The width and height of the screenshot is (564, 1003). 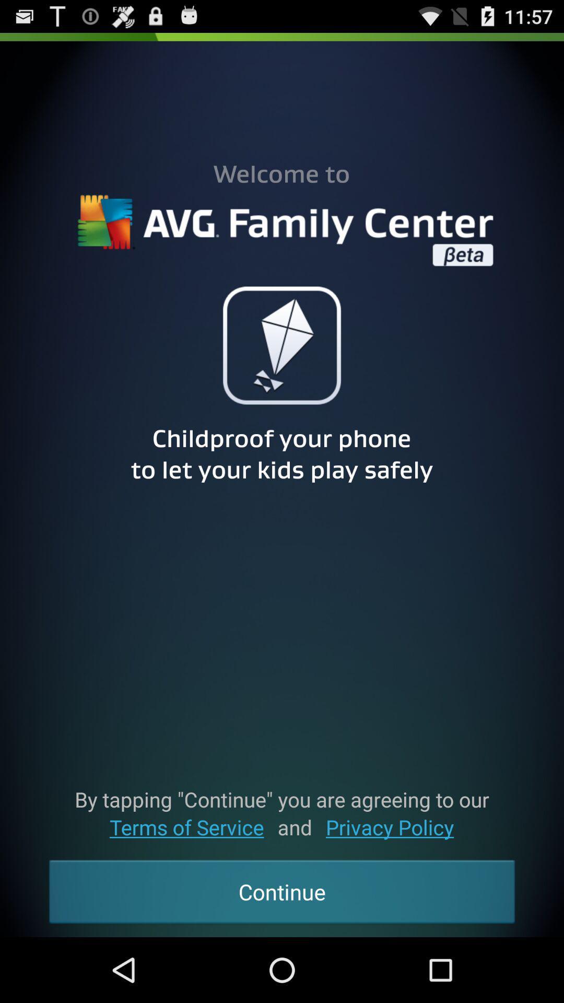 What do you see at coordinates (390, 826) in the screenshot?
I see `the icon above continue icon` at bounding box center [390, 826].